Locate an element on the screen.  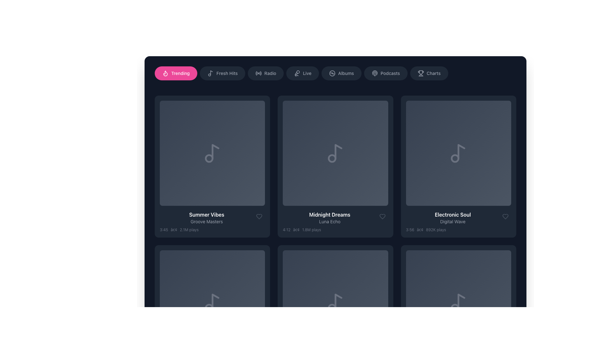
the 'Podcasts' text label in the top navigation bar is located at coordinates (390, 73).